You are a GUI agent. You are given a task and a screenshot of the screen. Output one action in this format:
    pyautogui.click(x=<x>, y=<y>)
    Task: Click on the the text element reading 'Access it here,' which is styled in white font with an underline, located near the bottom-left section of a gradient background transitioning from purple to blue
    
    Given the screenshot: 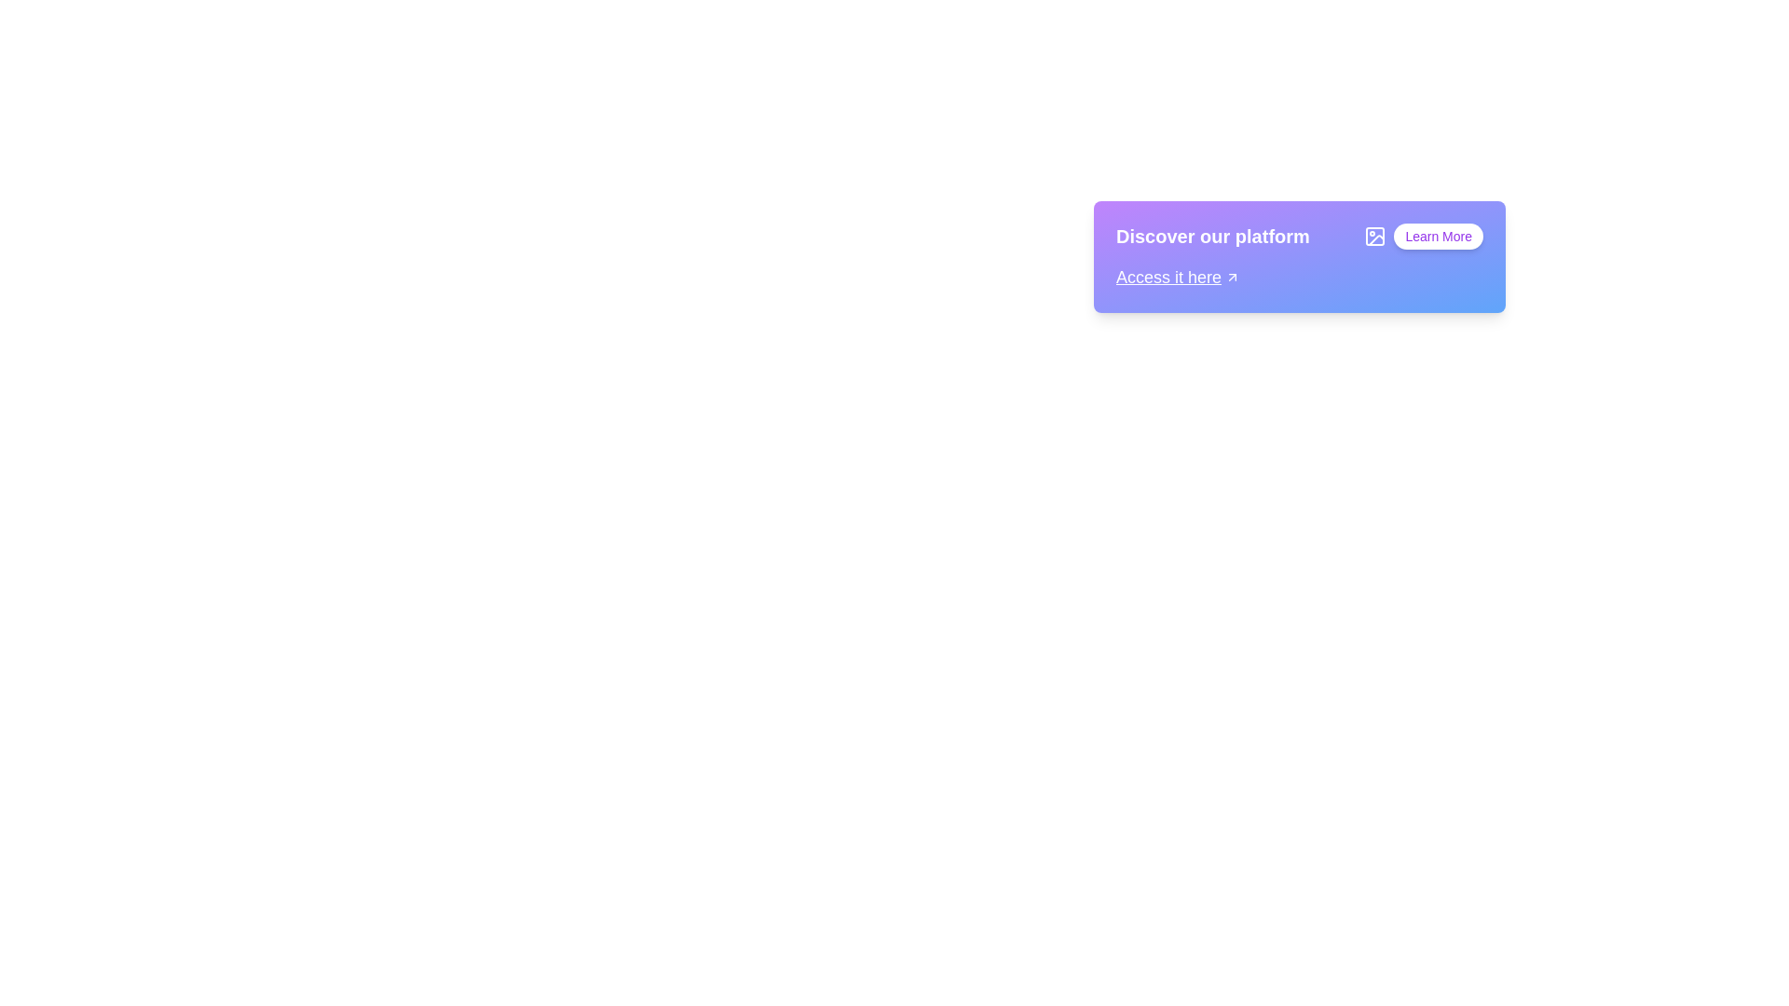 What is the action you would take?
    pyautogui.click(x=1168, y=277)
    